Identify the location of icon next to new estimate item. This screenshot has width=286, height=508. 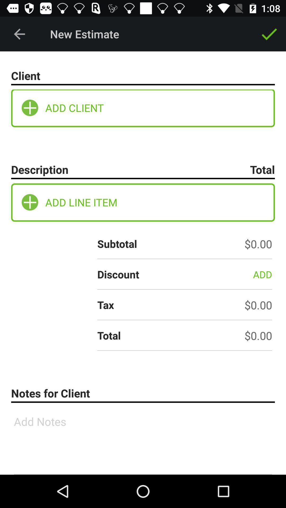
(269, 34).